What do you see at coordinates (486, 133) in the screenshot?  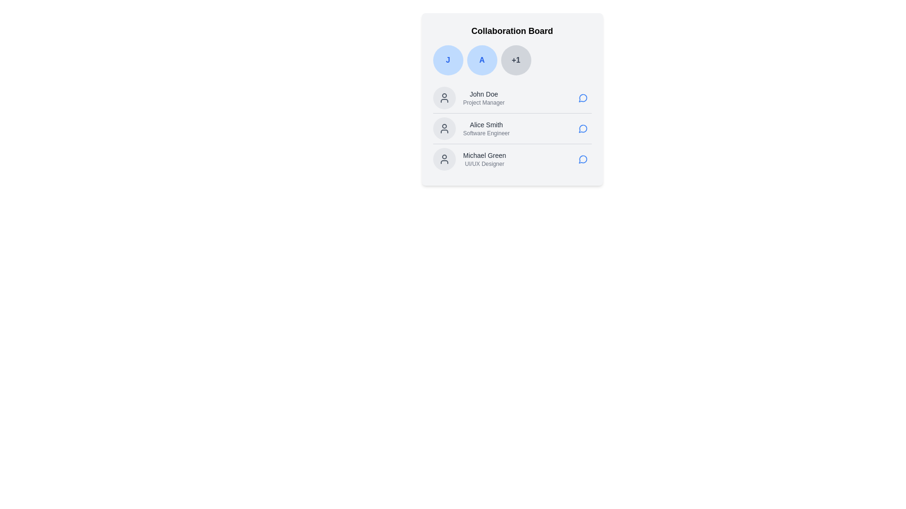 I see `the Text Label indicating the professional role of the user 'Alice Smith', which is located under the name 'Alice Smith' in the 'Collaboration Board' section, and is the second item in the vertical list of user details` at bounding box center [486, 133].